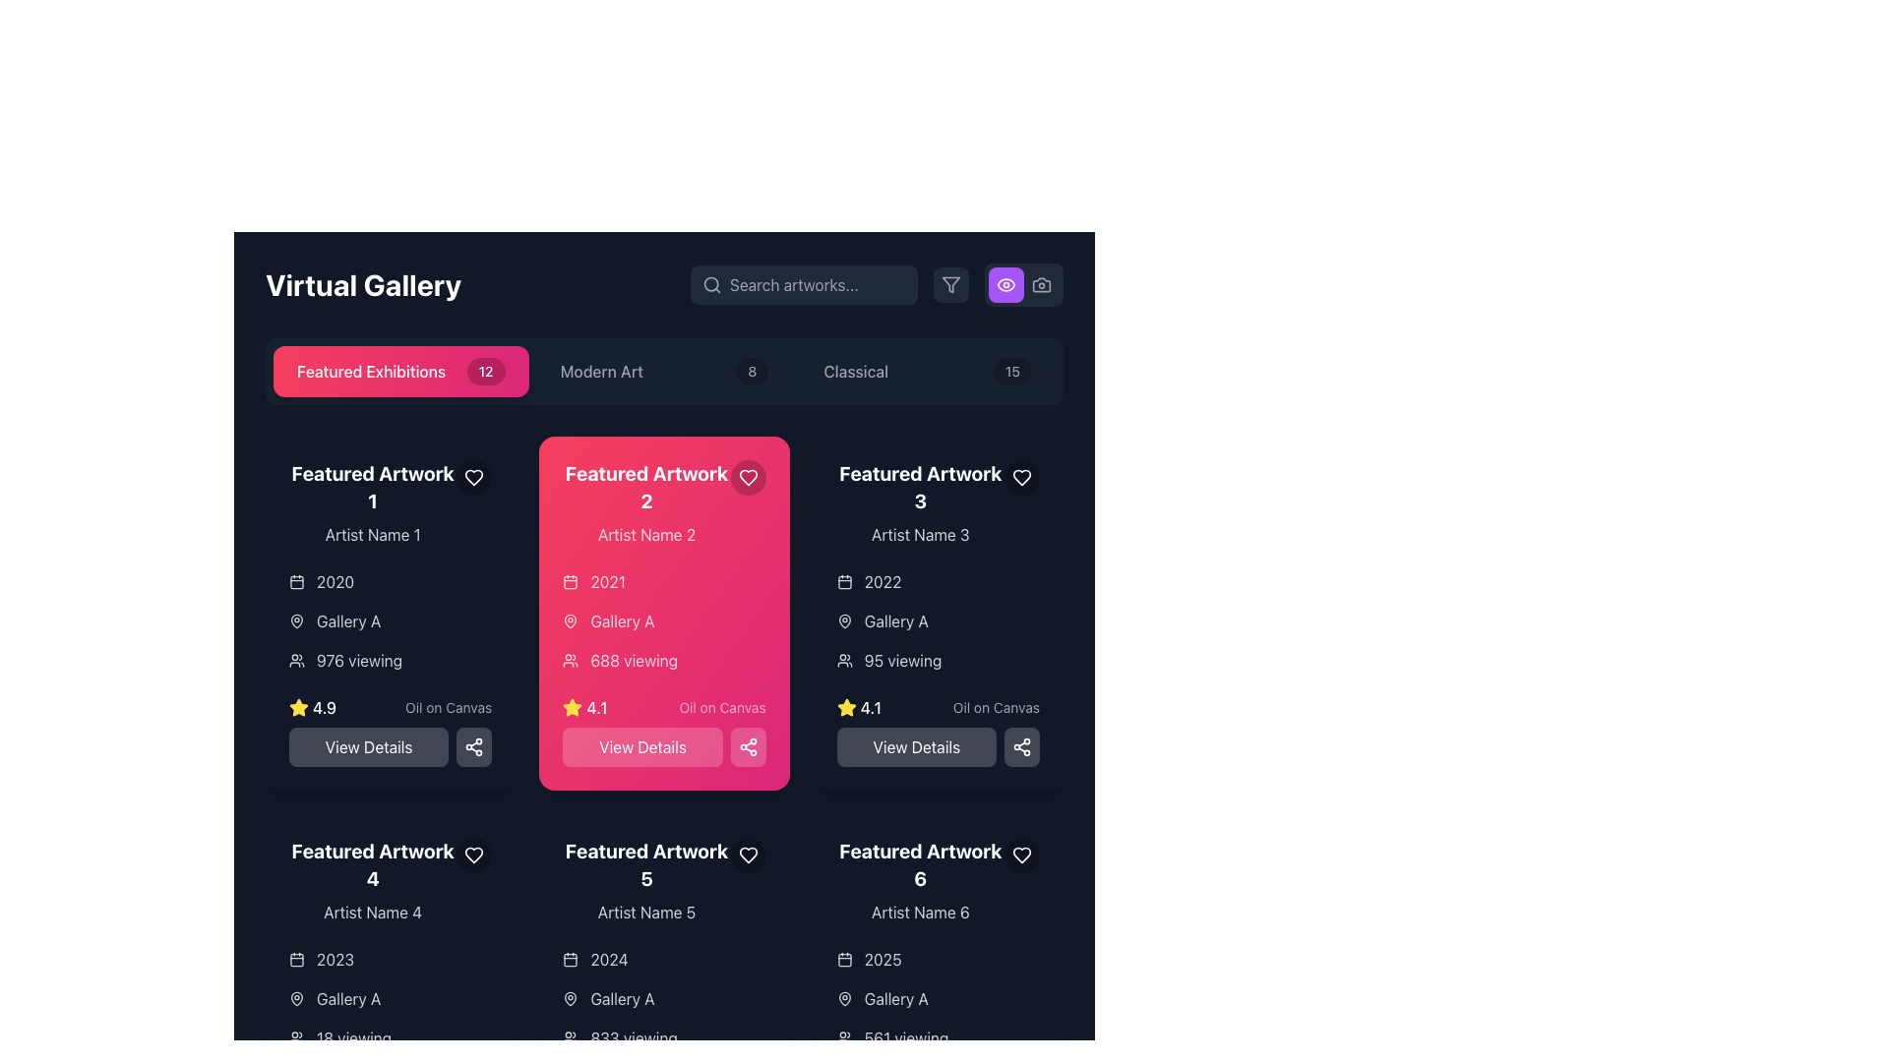 The image size is (1889, 1062). What do you see at coordinates (373, 879) in the screenshot?
I see `the text display that shows the title and artist name of 'Featured Artwork 4' located in the bottom-left section of the grid, below the heart-shaped favorite button` at bounding box center [373, 879].